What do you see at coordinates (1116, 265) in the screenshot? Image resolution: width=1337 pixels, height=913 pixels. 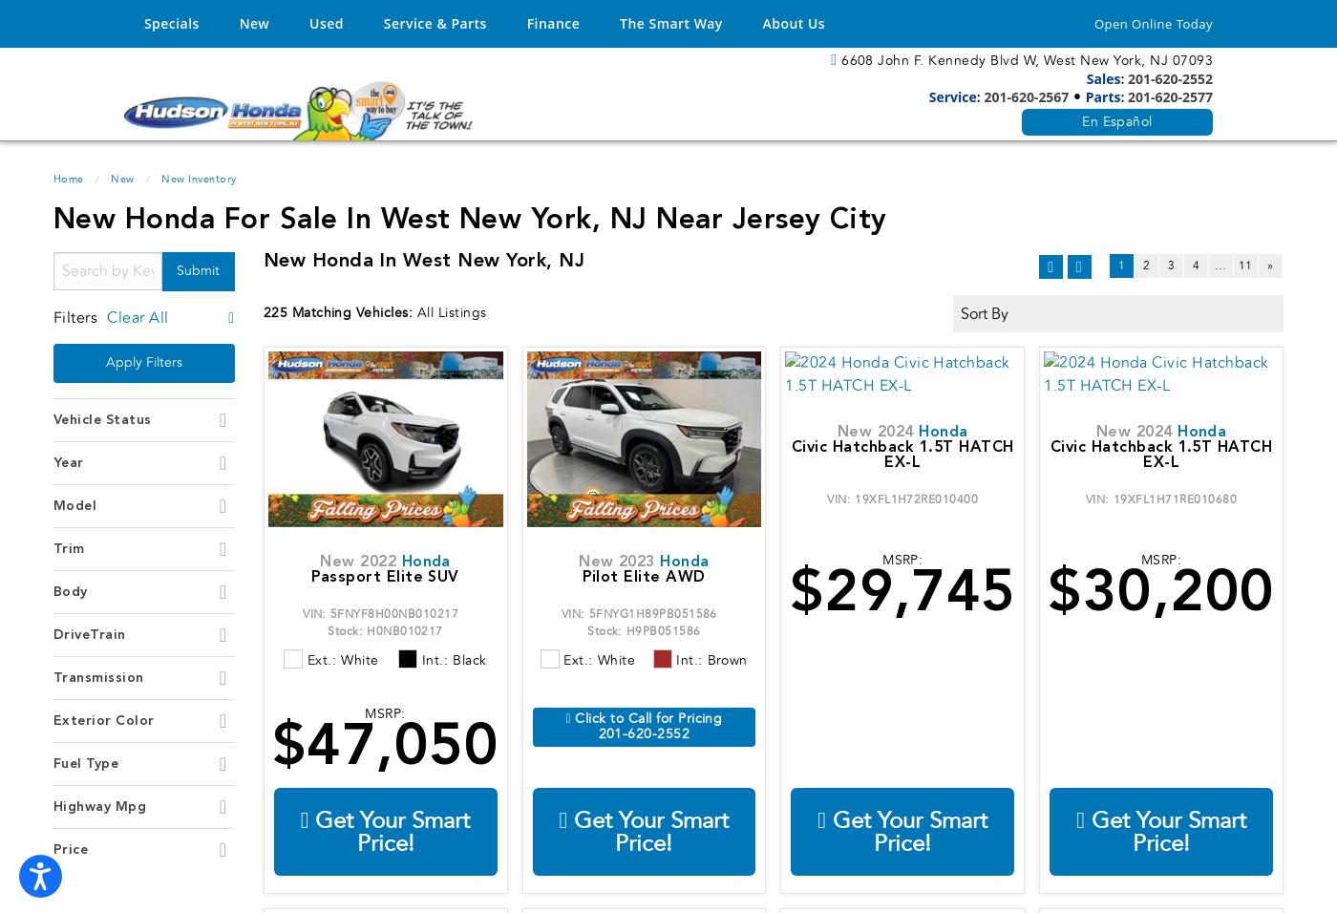 I see `'1'` at bounding box center [1116, 265].